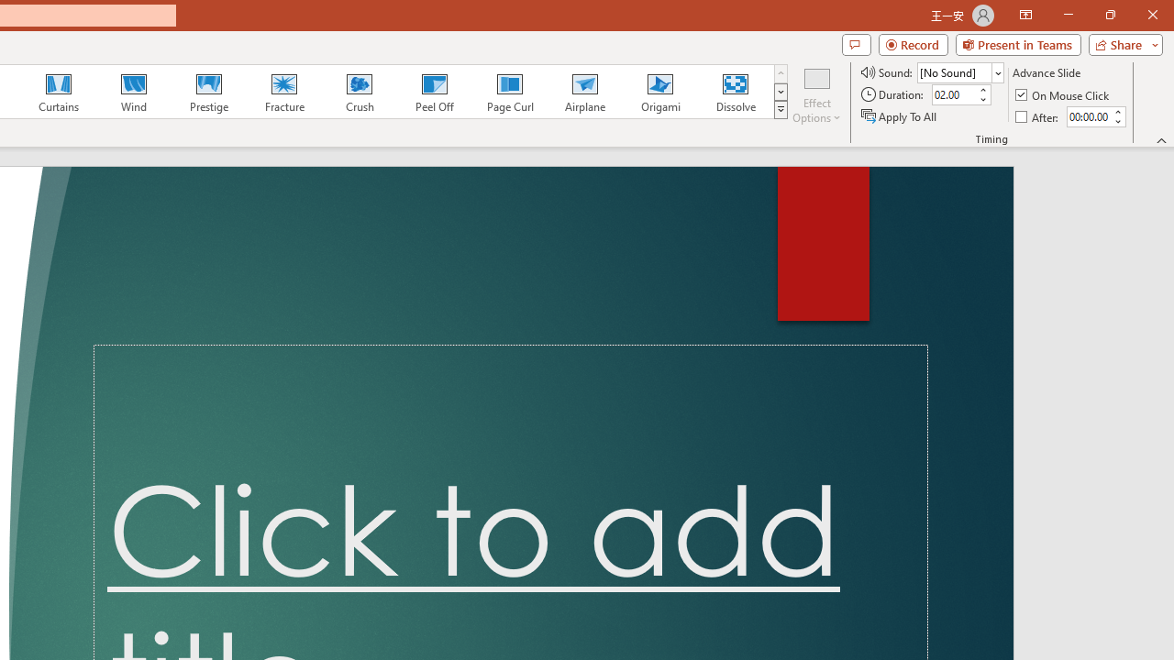  What do you see at coordinates (59, 92) in the screenshot?
I see `'Curtains'` at bounding box center [59, 92].